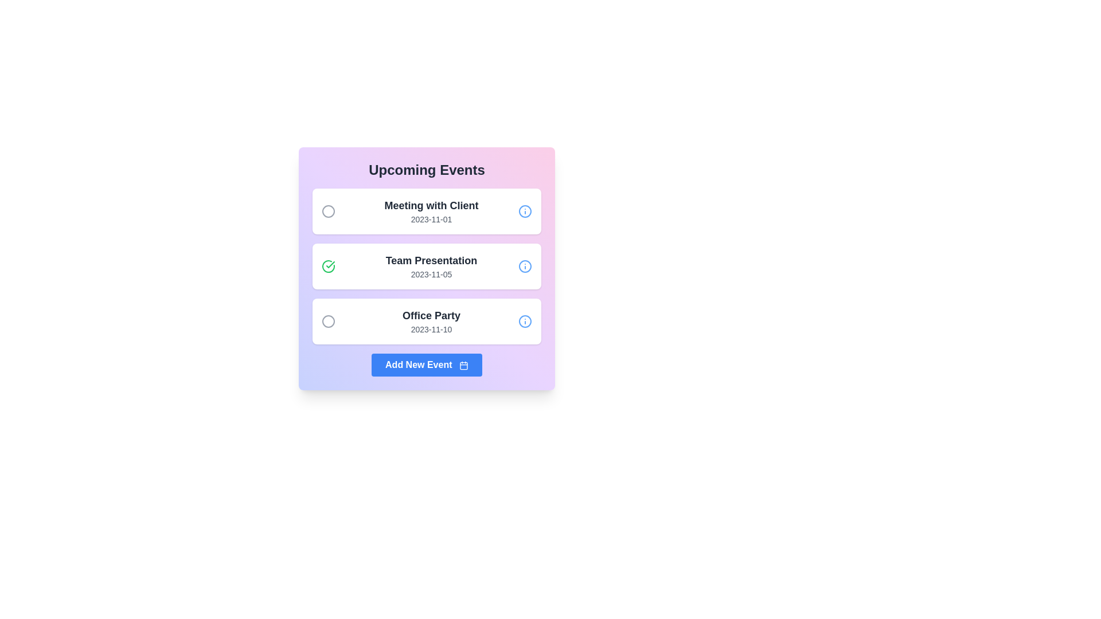 Image resolution: width=1101 pixels, height=619 pixels. What do you see at coordinates (327, 321) in the screenshot?
I see `the circular icon for the 'Office Party' entry, which is the leftmost graphic in the third card from the top` at bounding box center [327, 321].